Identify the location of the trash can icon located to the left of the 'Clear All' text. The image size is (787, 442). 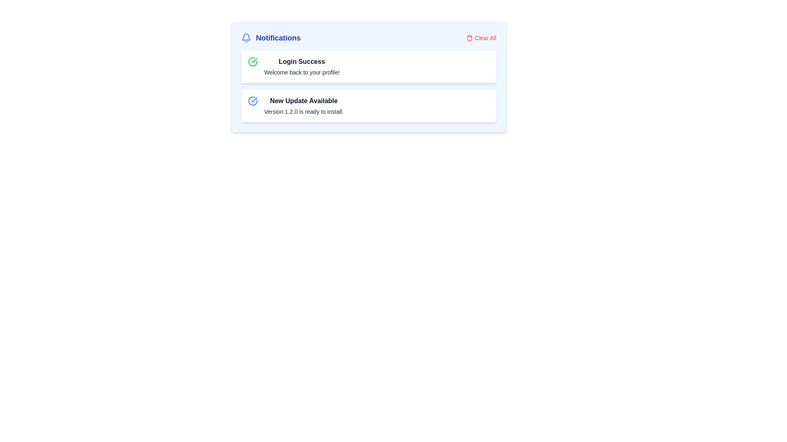
(470, 38).